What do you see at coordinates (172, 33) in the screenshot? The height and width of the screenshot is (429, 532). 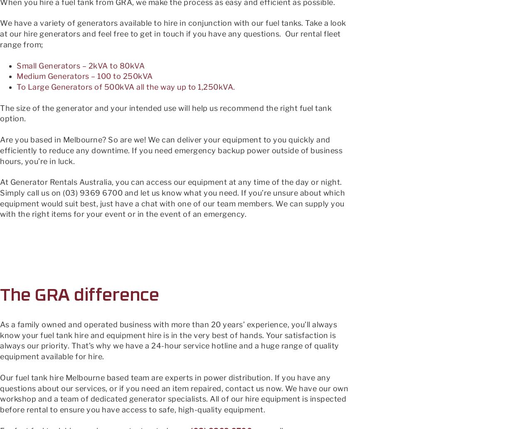 I see `'We have a variety of generators available to hire in conjunction with our fuel tanks. Take a look at our hire generators and feel free to get in touch if you have any questions.  Our rental fleet range from;'` at bounding box center [172, 33].